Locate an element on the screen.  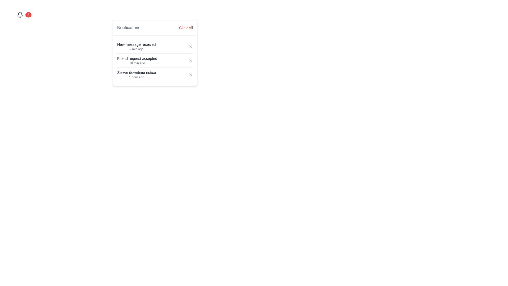
the 'Clear All' button is located at coordinates (186, 28).